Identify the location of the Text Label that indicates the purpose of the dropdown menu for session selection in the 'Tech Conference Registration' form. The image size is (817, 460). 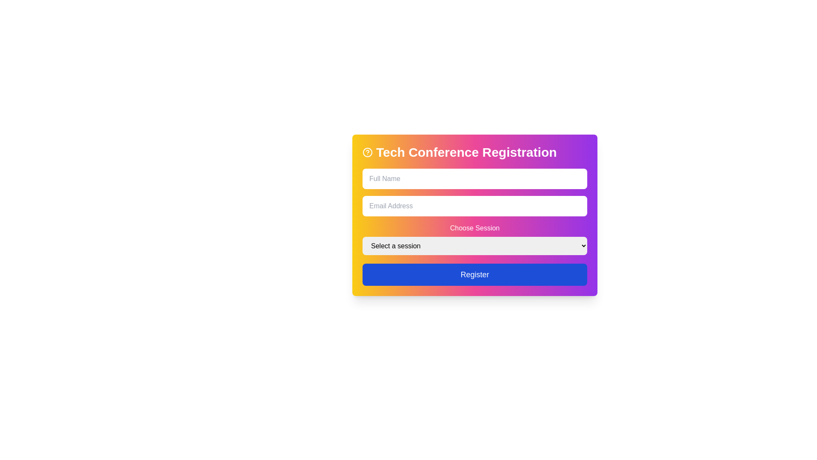
(474, 228).